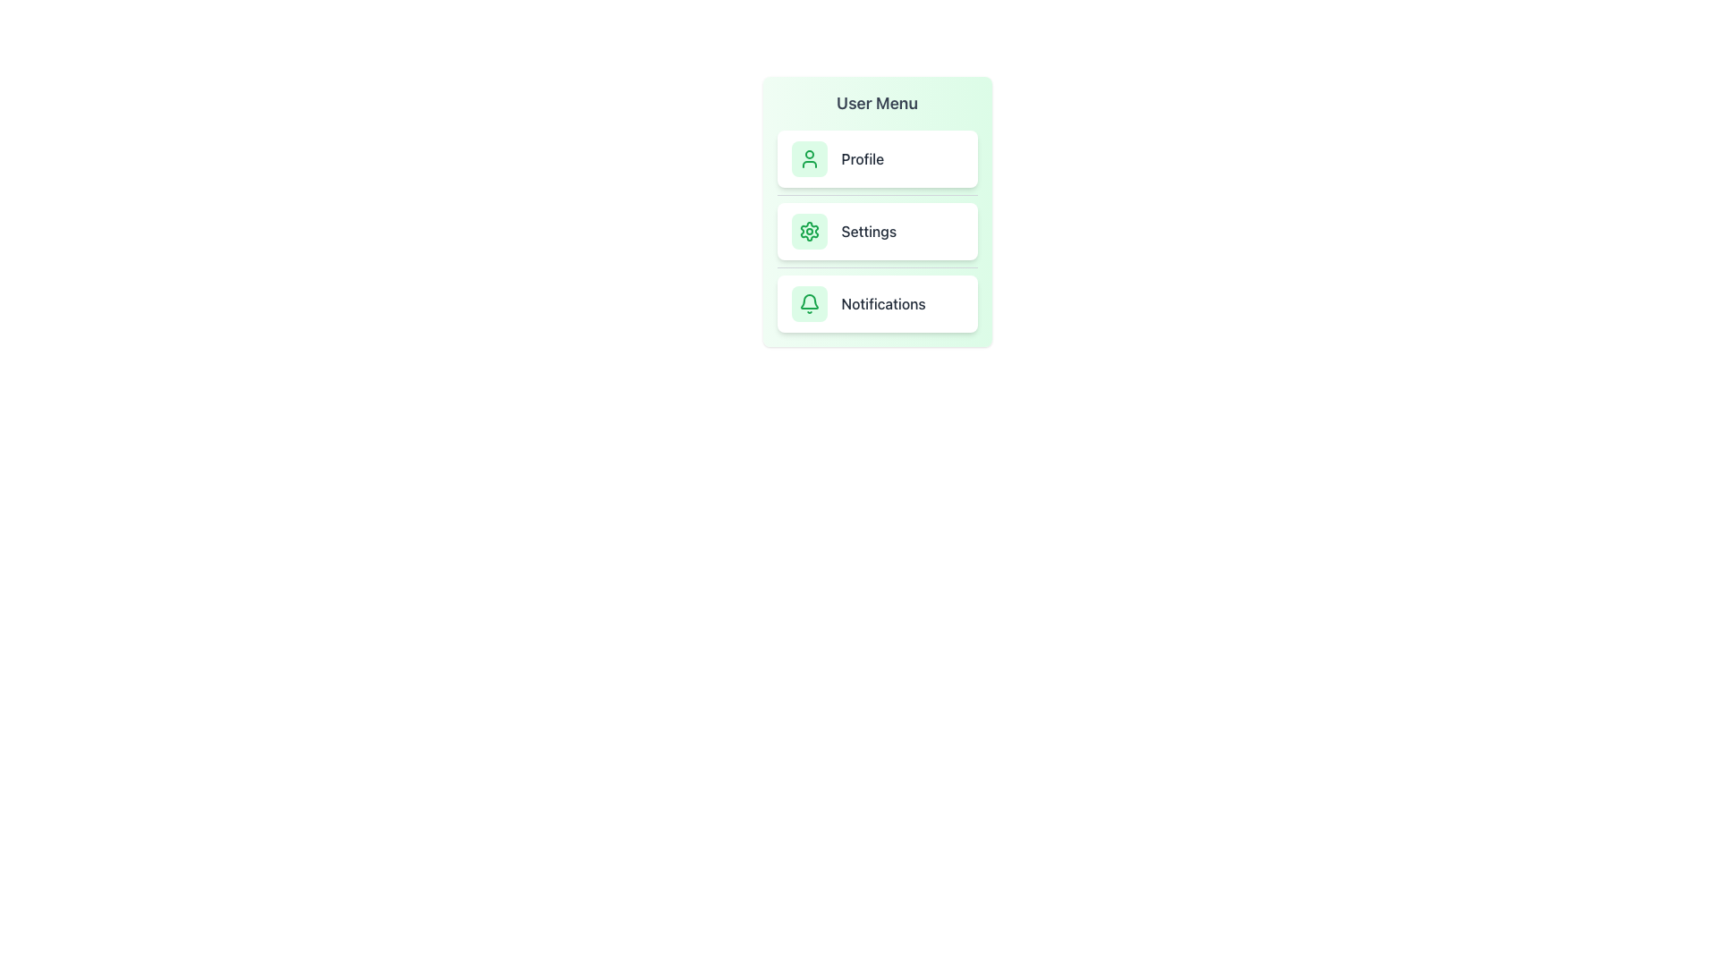 The width and height of the screenshot is (1718, 966). What do you see at coordinates (877, 103) in the screenshot?
I see `the text label indicating 'User Menu', which serves as a header for the following interactive buttons` at bounding box center [877, 103].